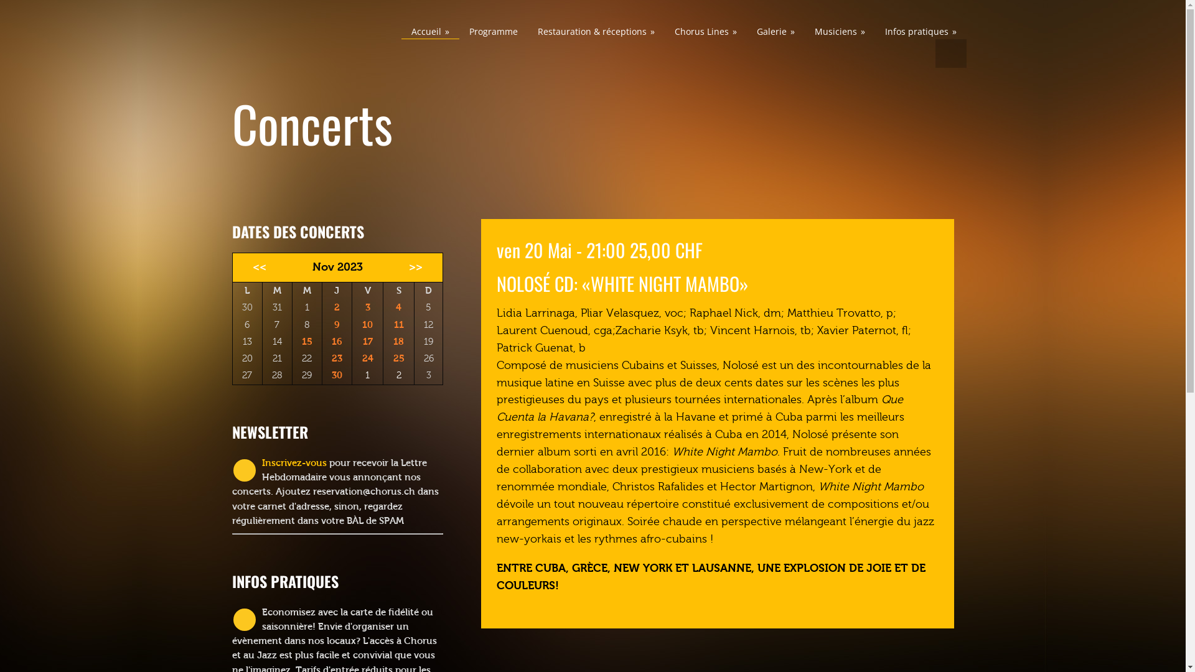 The height and width of the screenshot is (672, 1195). I want to click on 'Inscrivez-vous', so click(293, 463).